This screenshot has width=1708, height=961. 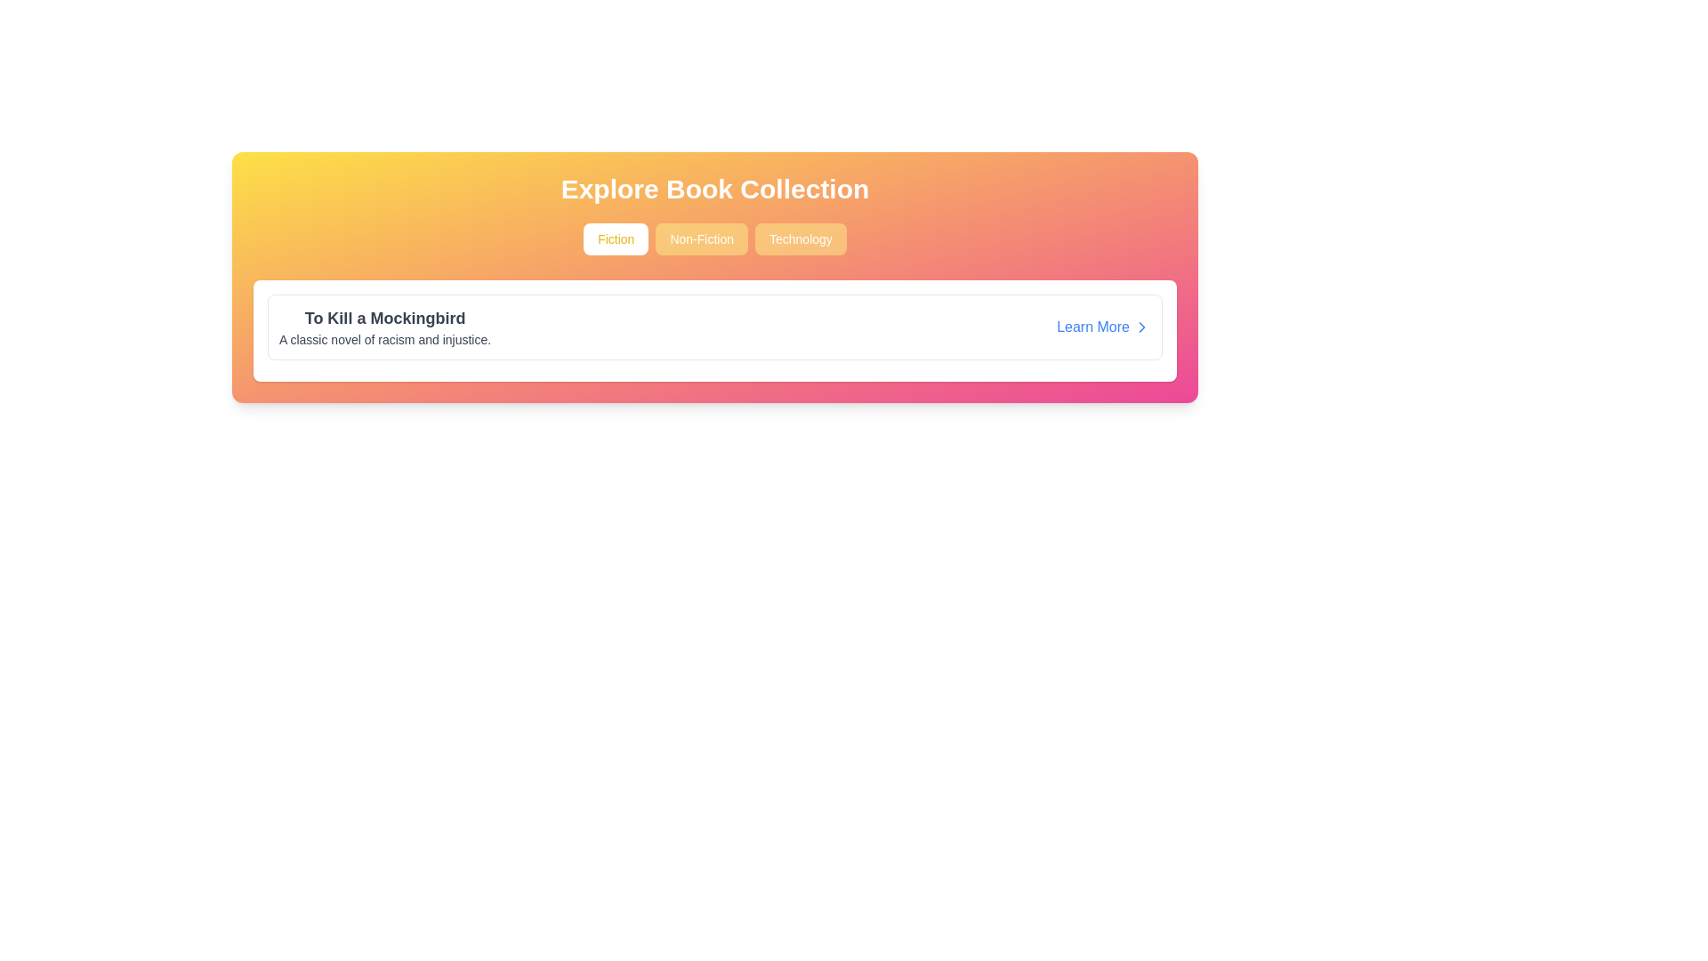 I want to click on the descriptive text label located below the title 'To Kill a Mockingbird', which provides additional information about the book, so click(x=383, y=339).